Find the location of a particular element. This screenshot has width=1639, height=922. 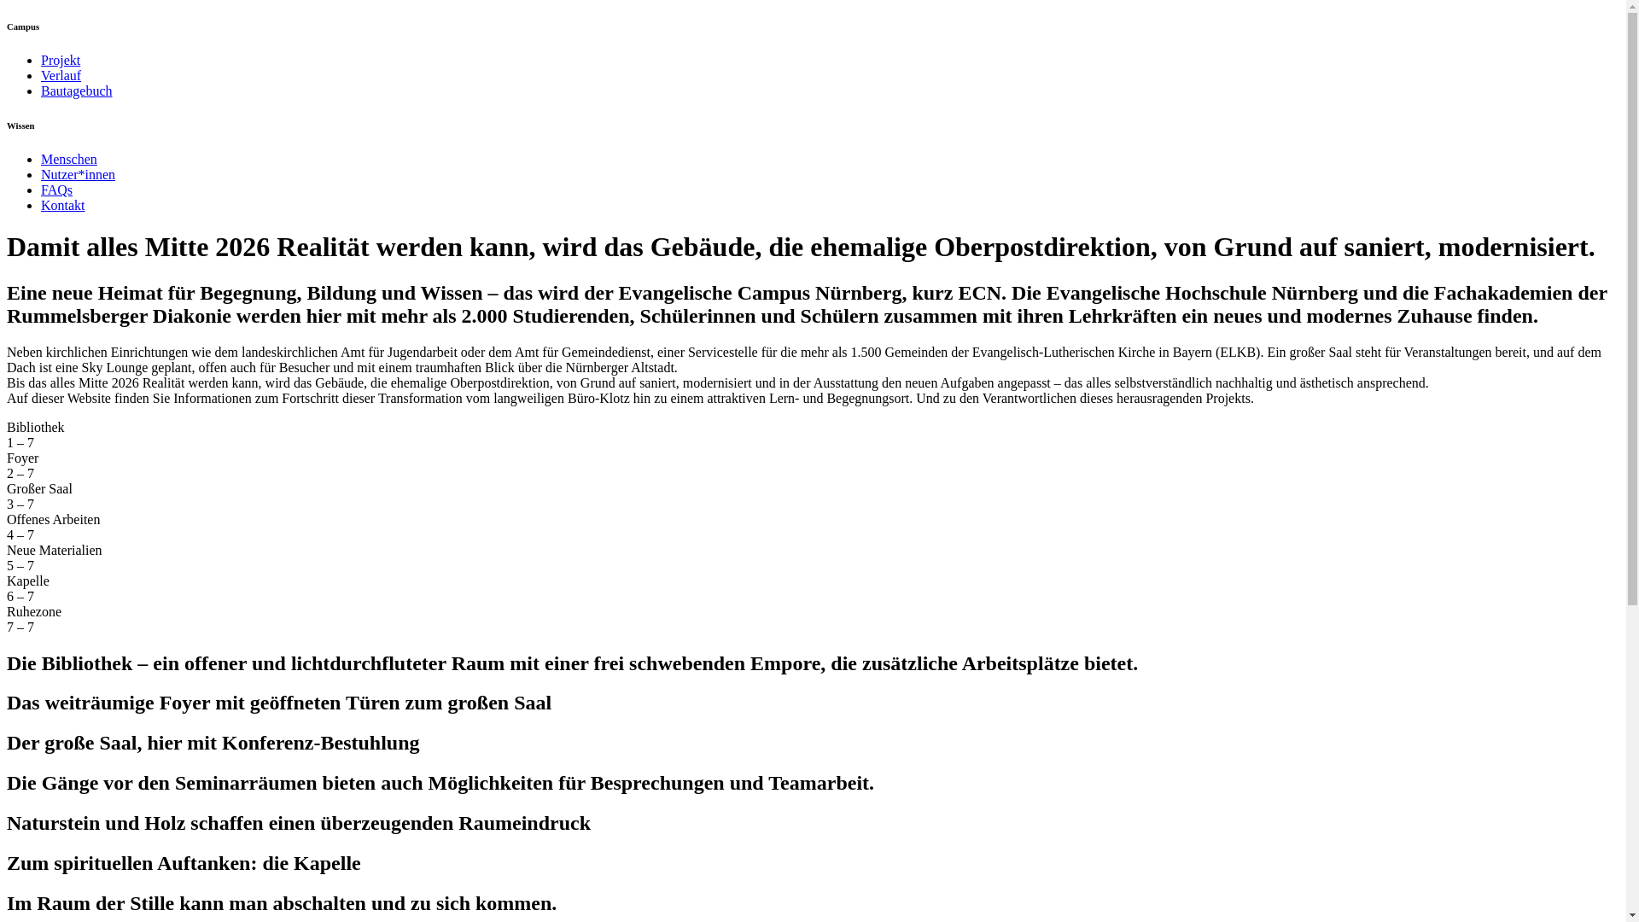

'Kontakt' is located at coordinates (62, 204).